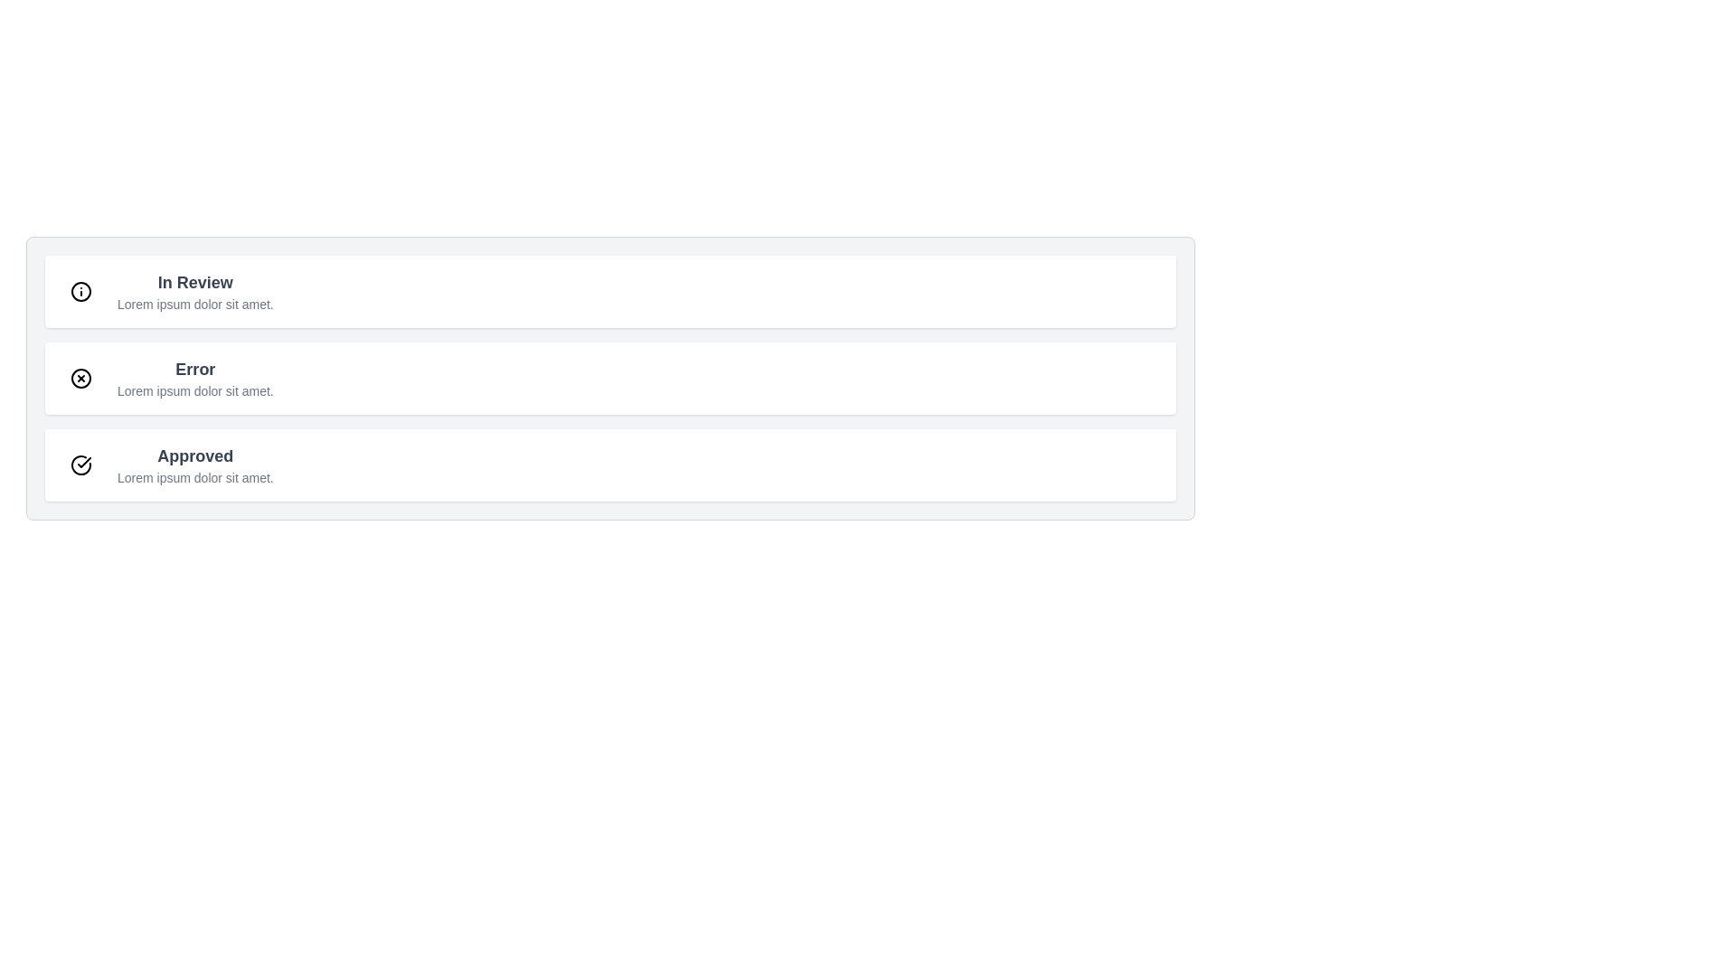 This screenshot has width=1736, height=976. What do you see at coordinates (195, 465) in the screenshot?
I see `static text block indicating the approval status, which displays the label 'Approved' and its description below it` at bounding box center [195, 465].